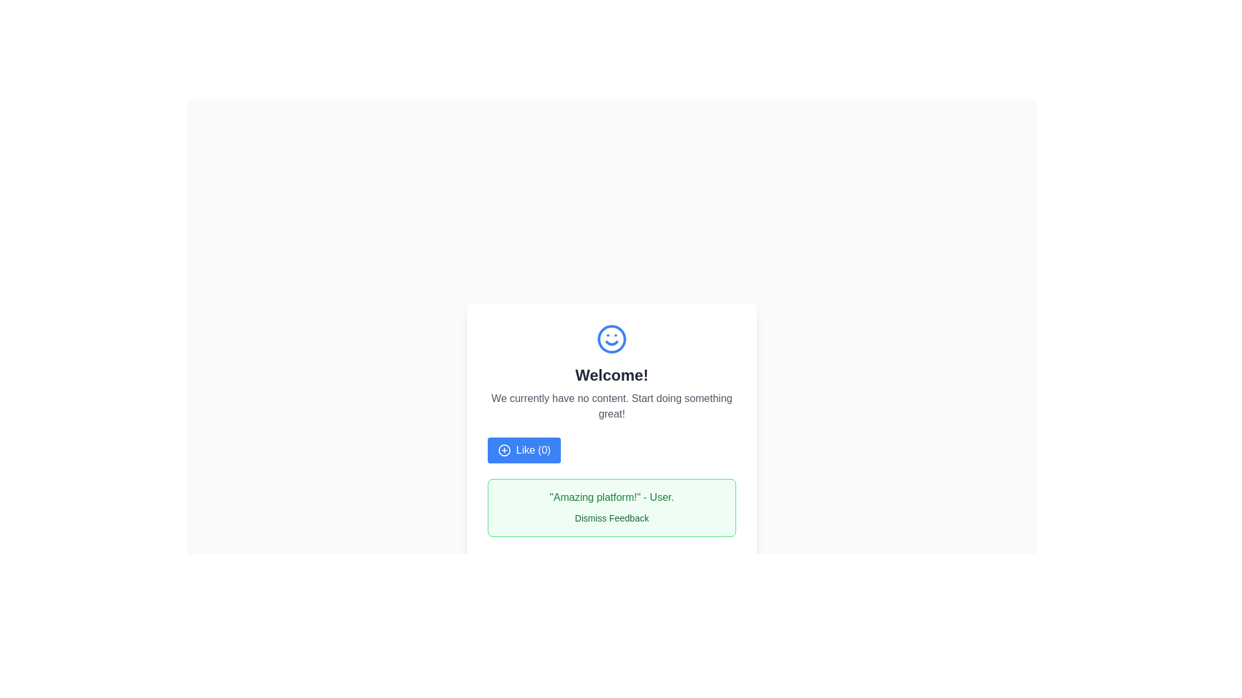  What do you see at coordinates (611, 338) in the screenshot?
I see `the outermost circular SVG element with a blue stroke located at the top center of the card interface, above the text 'Welcome!'` at bounding box center [611, 338].